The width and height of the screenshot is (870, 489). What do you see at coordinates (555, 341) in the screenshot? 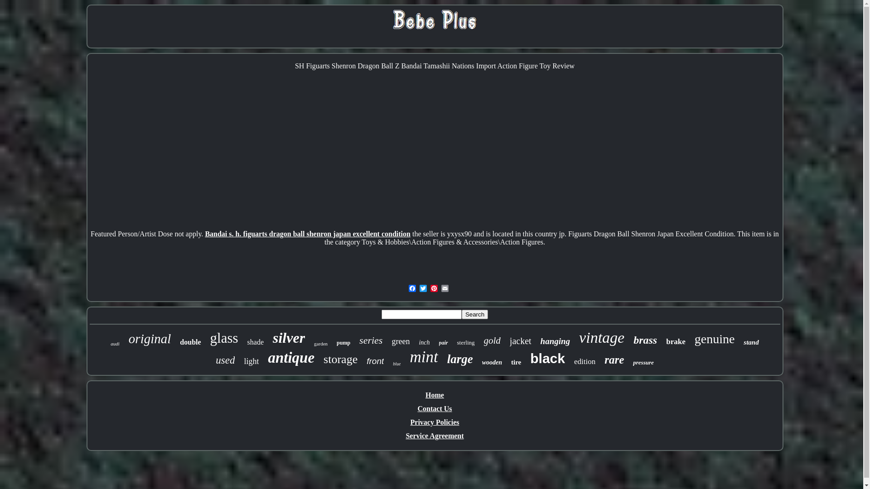
I see `'hanging'` at bounding box center [555, 341].